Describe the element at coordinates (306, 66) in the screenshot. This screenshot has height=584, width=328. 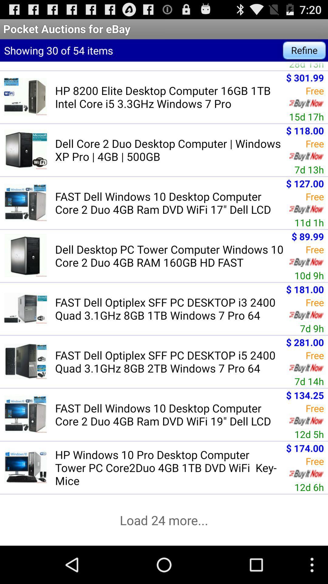
I see `the icon next to hp elite 8200 app` at that location.